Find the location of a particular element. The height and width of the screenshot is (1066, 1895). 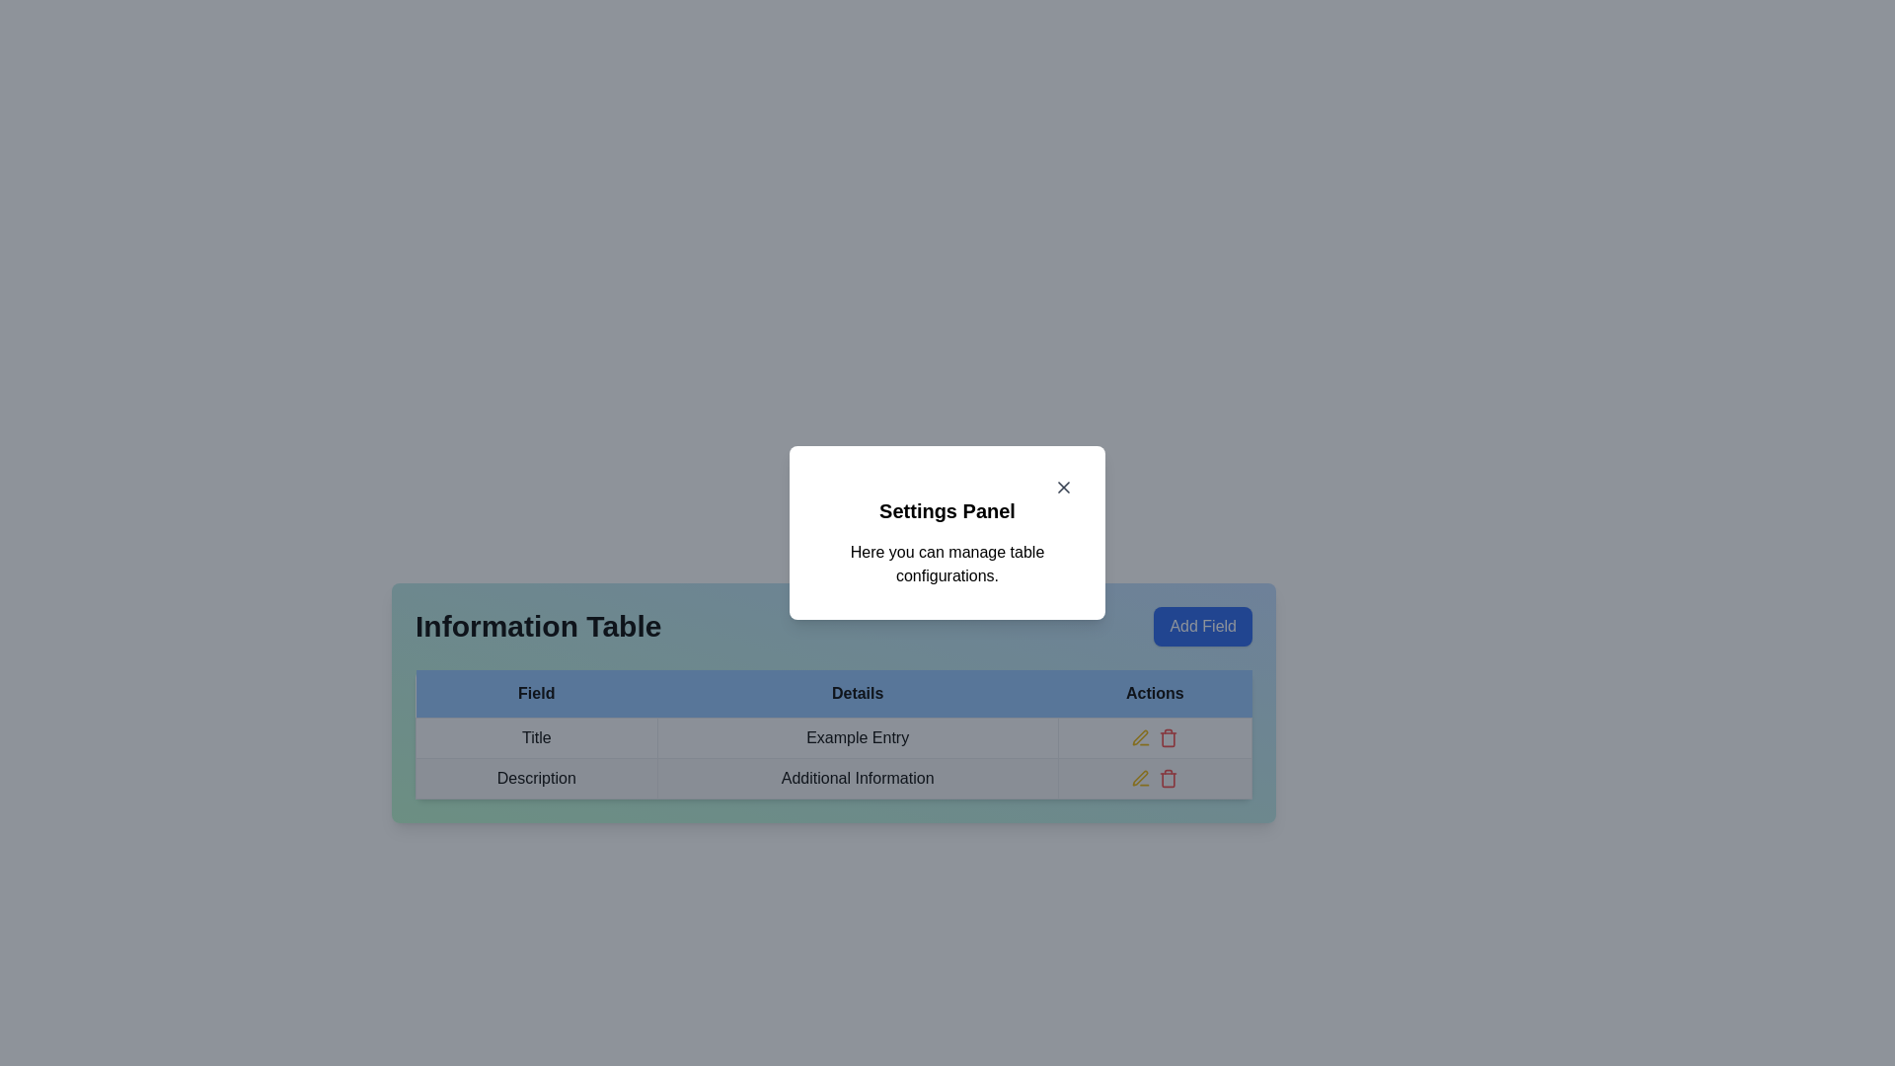

the modal dialog or popup panel that provides a summary and actions related to managing table configurations, which is centrally located above the 'Information Table' is located at coordinates (947, 533).